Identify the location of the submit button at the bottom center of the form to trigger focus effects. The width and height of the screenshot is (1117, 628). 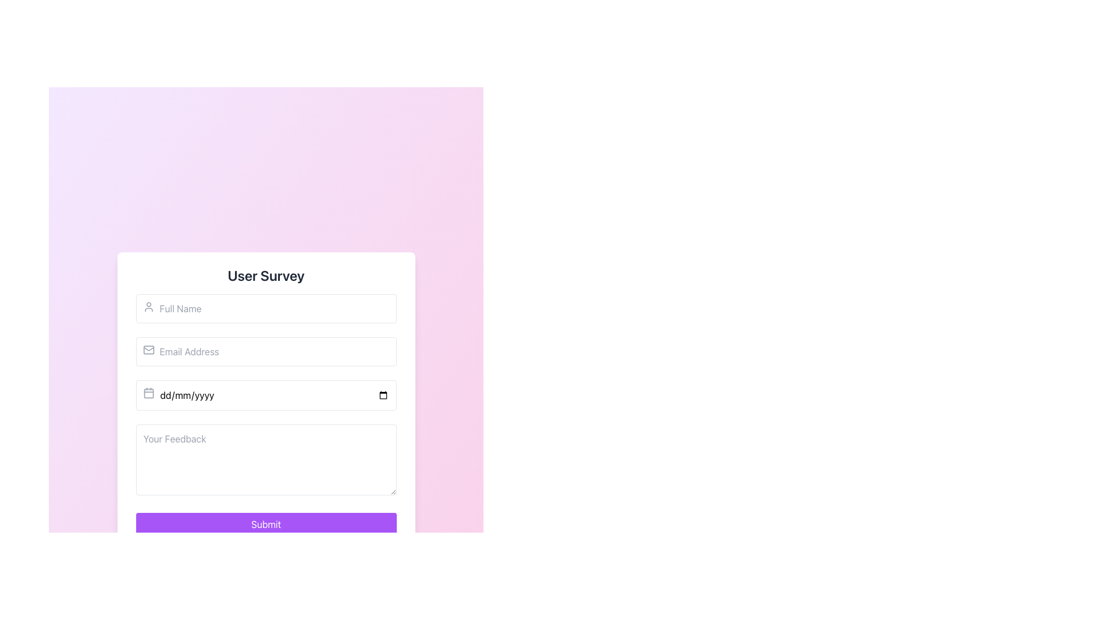
(265, 524).